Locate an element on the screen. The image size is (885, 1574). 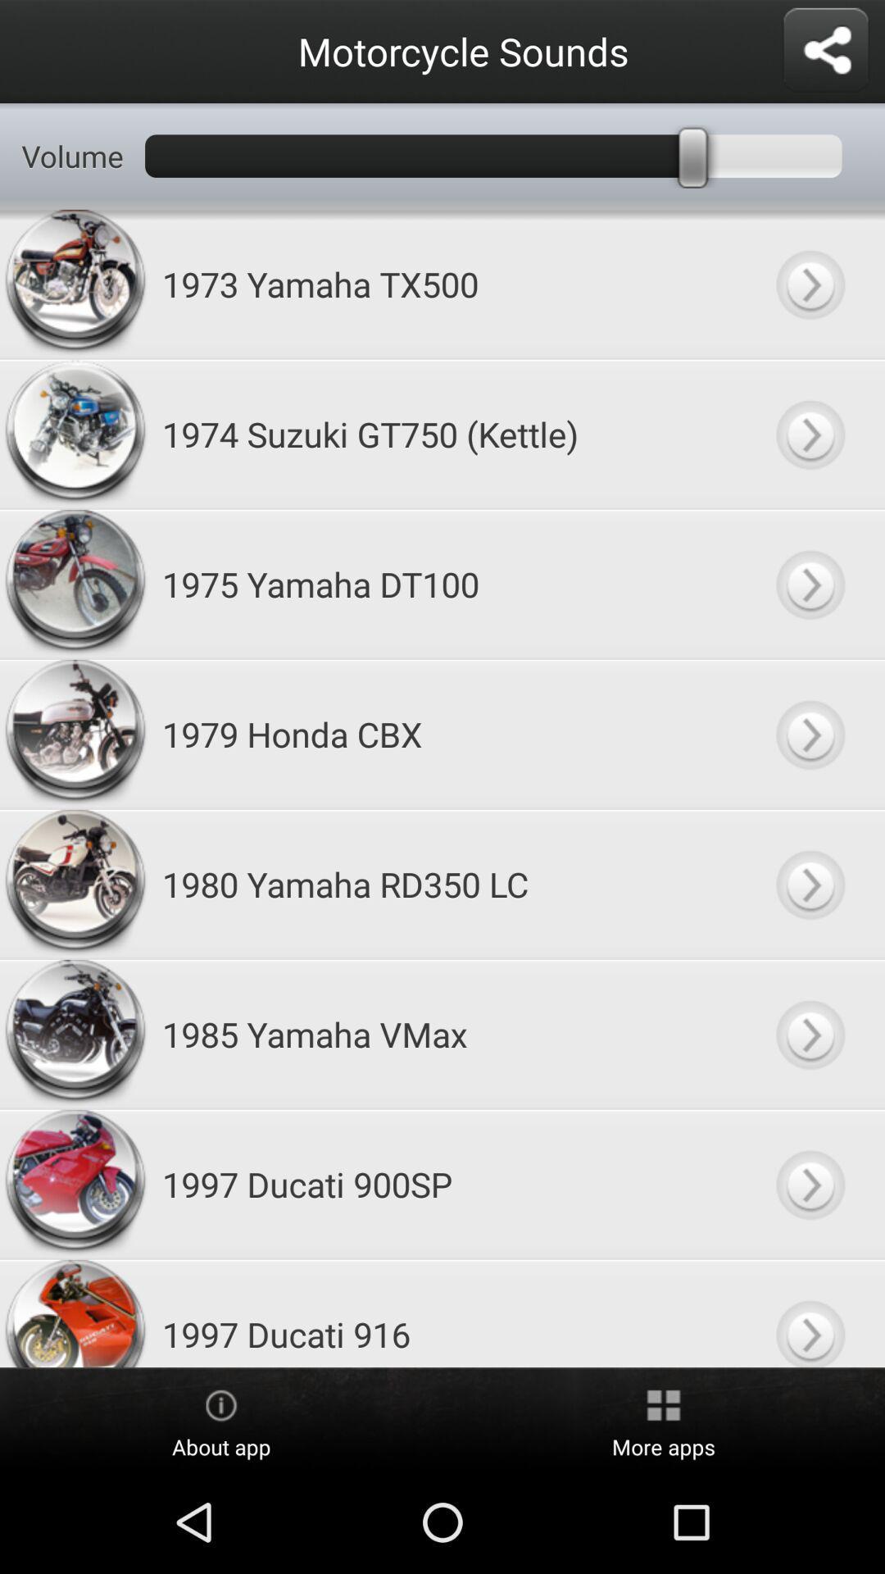
1975 yamaha dt100 is located at coordinates (809, 584).